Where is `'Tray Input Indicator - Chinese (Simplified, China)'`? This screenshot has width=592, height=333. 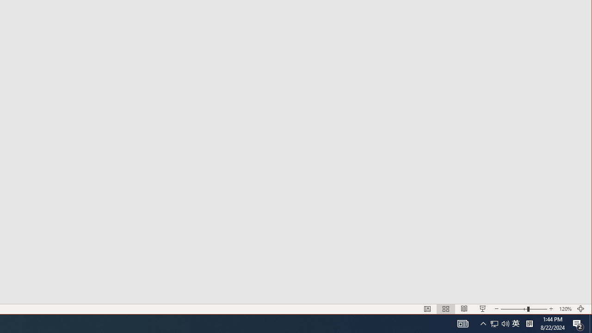 'Tray Input Indicator - Chinese (Simplified, China)' is located at coordinates (529, 323).